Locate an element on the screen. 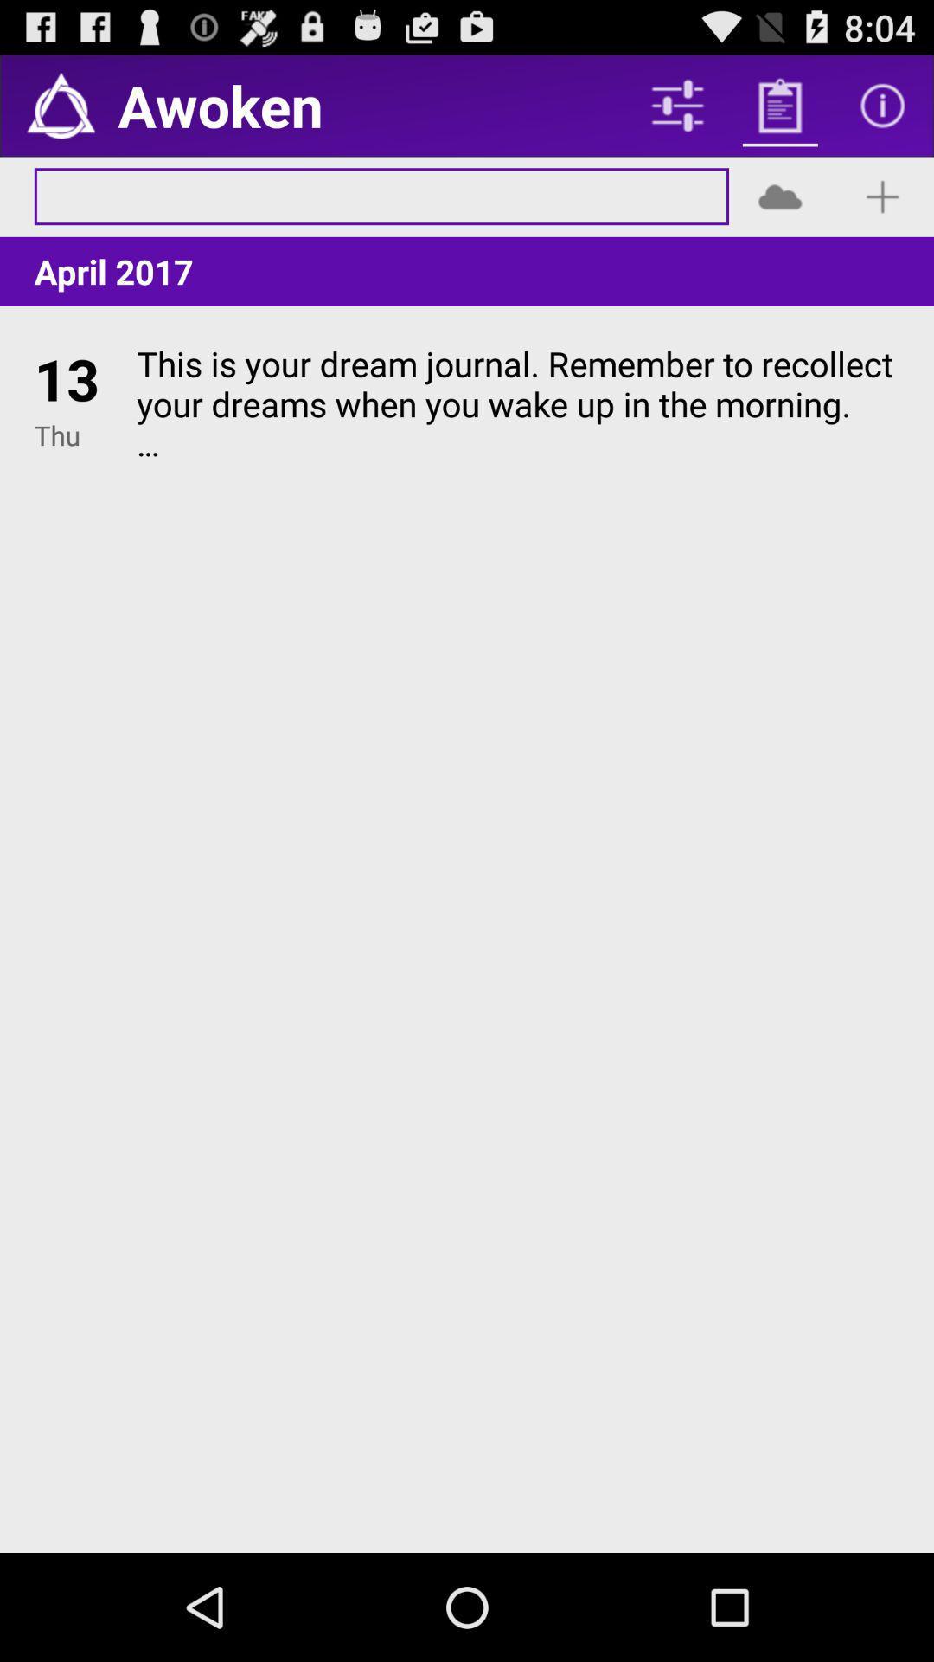 The image size is (934, 1662). the add icon is located at coordinates (882, 209).